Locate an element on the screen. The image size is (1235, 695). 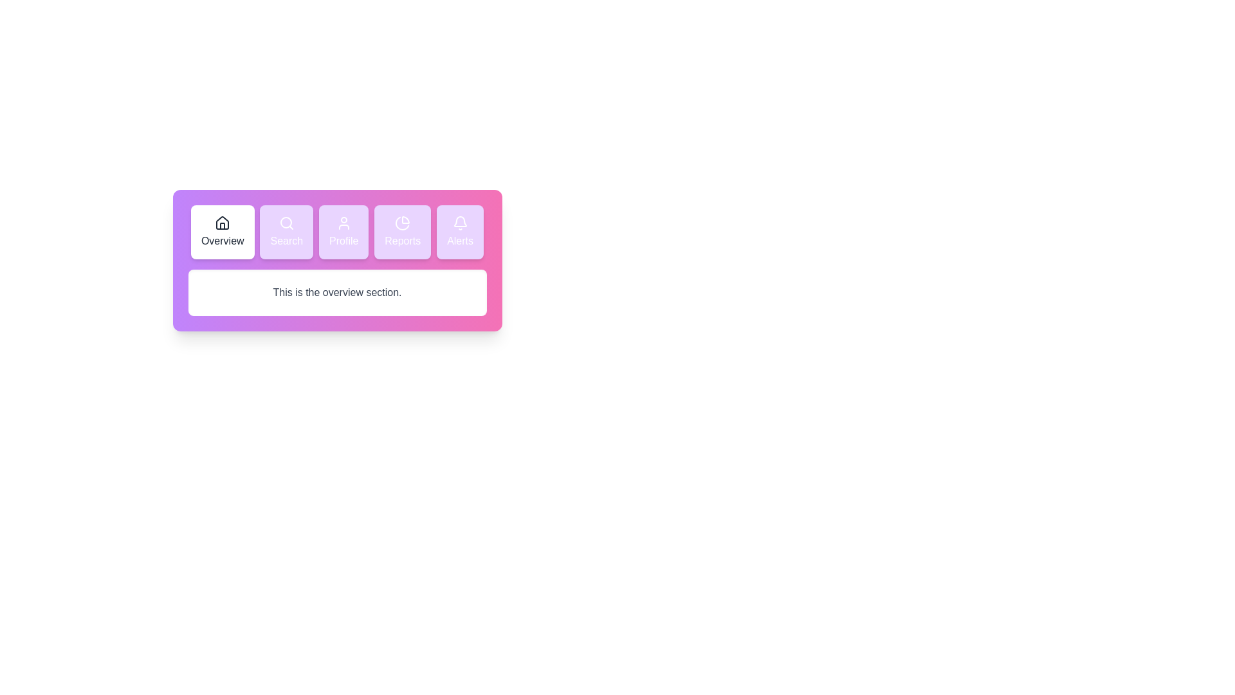
the first navigational button located at the top-left of the interface is located at coordinates (223, 232).